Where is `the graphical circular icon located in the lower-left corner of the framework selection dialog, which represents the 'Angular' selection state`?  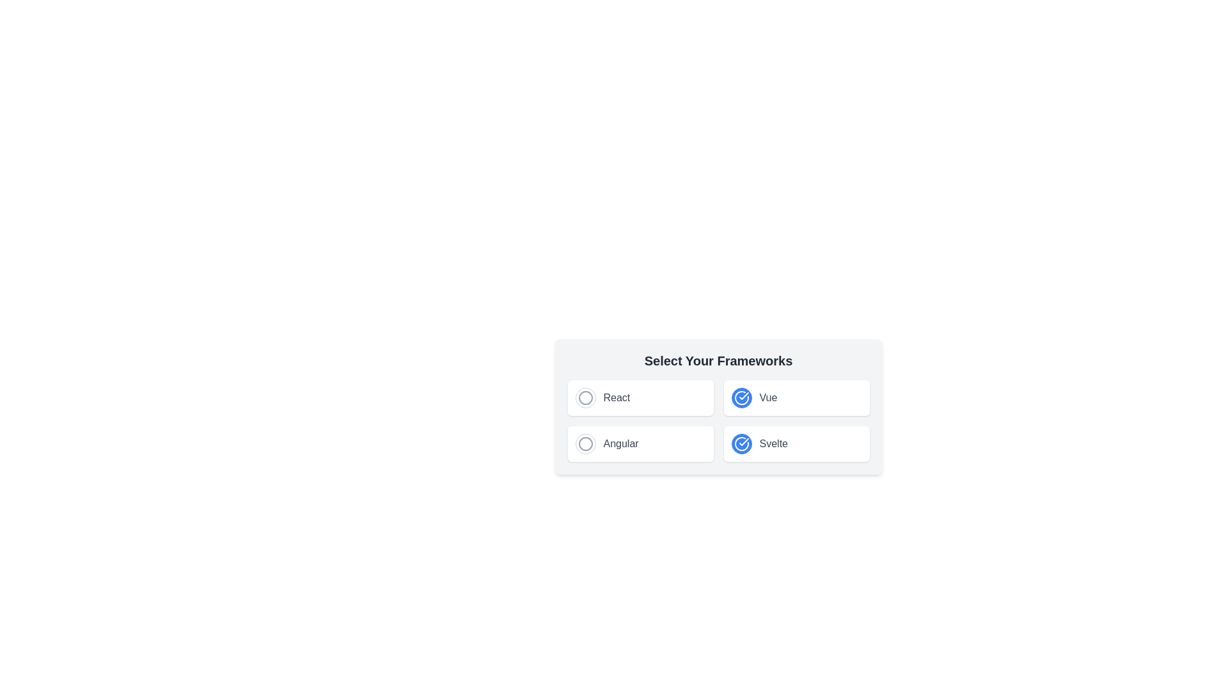
the graphical circular icon located in the lower-left corner of the framework selection dialog, which represents the 'Angular' selection state is located at coordinates (585, 443).